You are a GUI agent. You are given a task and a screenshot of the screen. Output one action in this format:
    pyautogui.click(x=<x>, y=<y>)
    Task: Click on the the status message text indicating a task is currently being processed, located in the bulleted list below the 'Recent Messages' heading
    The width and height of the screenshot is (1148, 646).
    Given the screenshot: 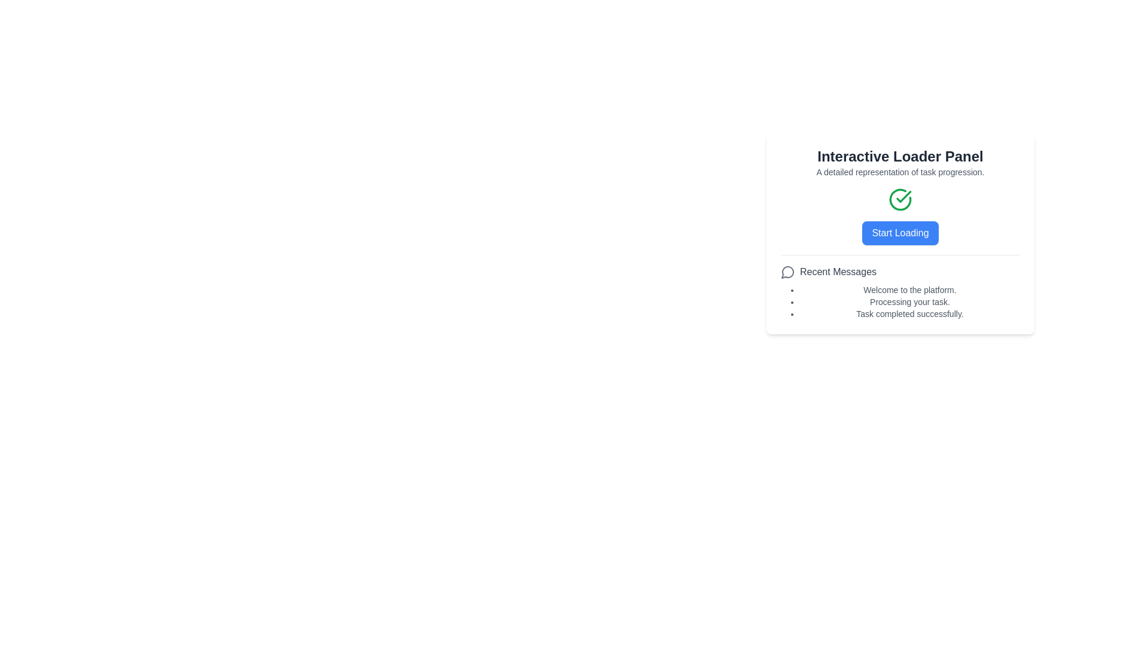 What is the action you would take?
    pyautogui.click(x=909, y=301)
    